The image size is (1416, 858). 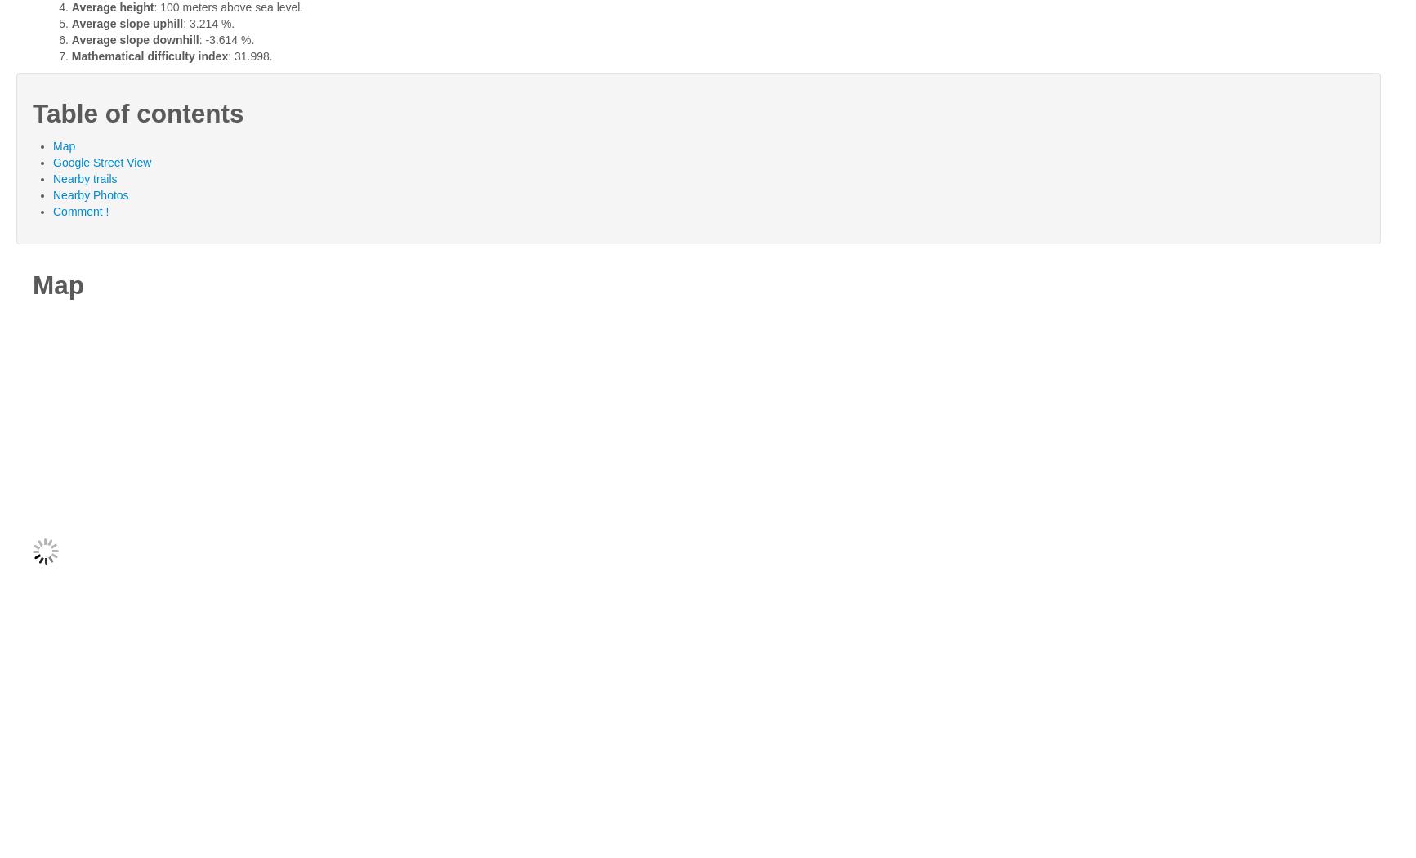 What do you see at coordinates (84, 178) in the screenshot?
I see `'Nearby trails'` at bounding box center [84, 178].